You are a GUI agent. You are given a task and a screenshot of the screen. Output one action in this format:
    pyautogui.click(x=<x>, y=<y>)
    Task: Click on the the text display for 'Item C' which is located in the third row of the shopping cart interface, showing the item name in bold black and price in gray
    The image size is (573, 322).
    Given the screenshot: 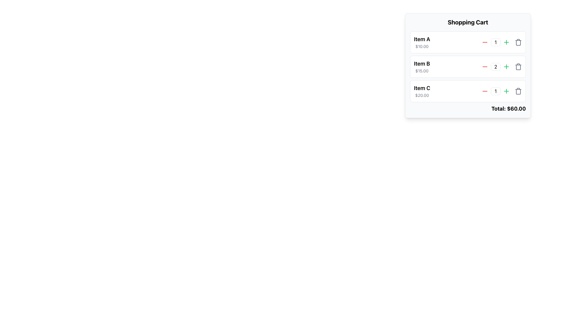 What is the action you would take?
    pyautogui.click(x=422, y=91)
    